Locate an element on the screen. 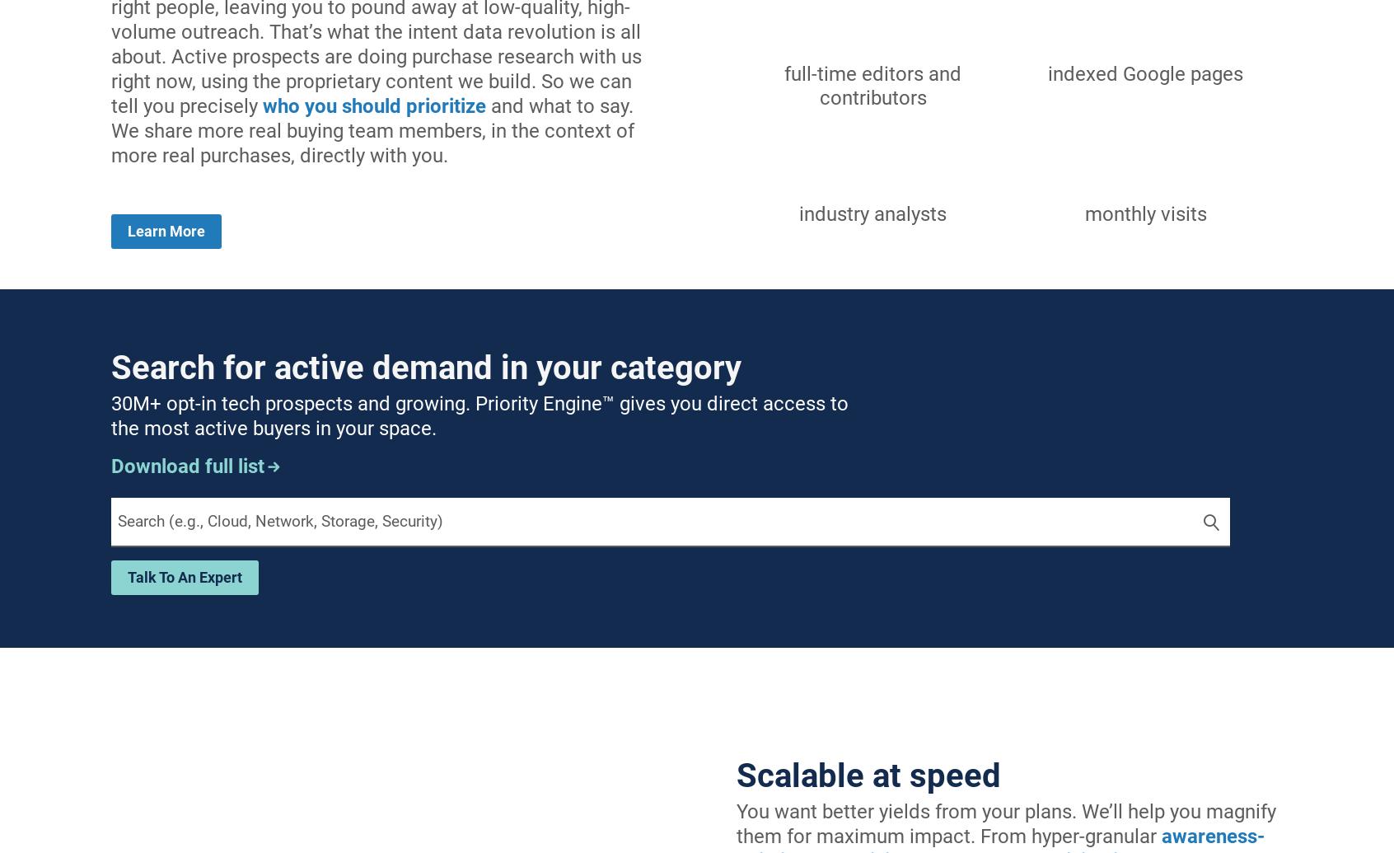 The image size is (1394, 853). 'and what to say. We share more real buying team members, in the context of more real purchases, directly with you.' is located at coordinates (372, 130).